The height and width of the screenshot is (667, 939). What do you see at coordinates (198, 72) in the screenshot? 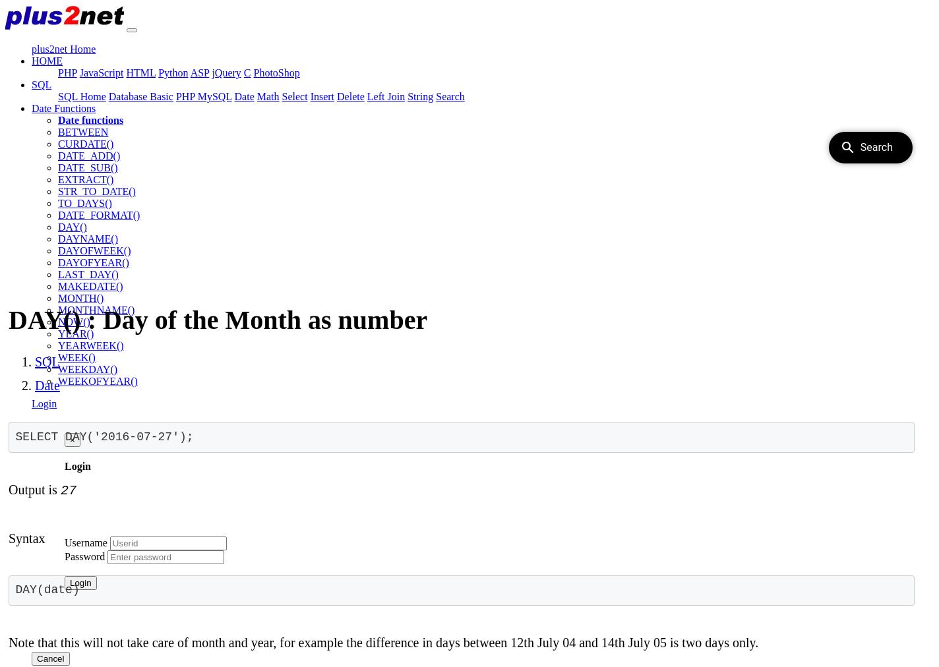
I see `'ASP'` at bounding box center [198, 72].